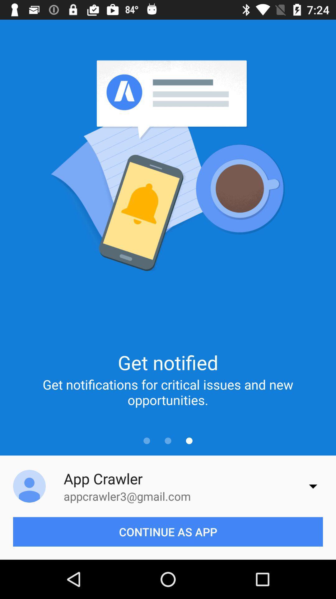 The height and width of the screenshot is (599, 336). Describe the element at coordinates (168, 531) in the screenshot. I see `continue as app item` at that location.